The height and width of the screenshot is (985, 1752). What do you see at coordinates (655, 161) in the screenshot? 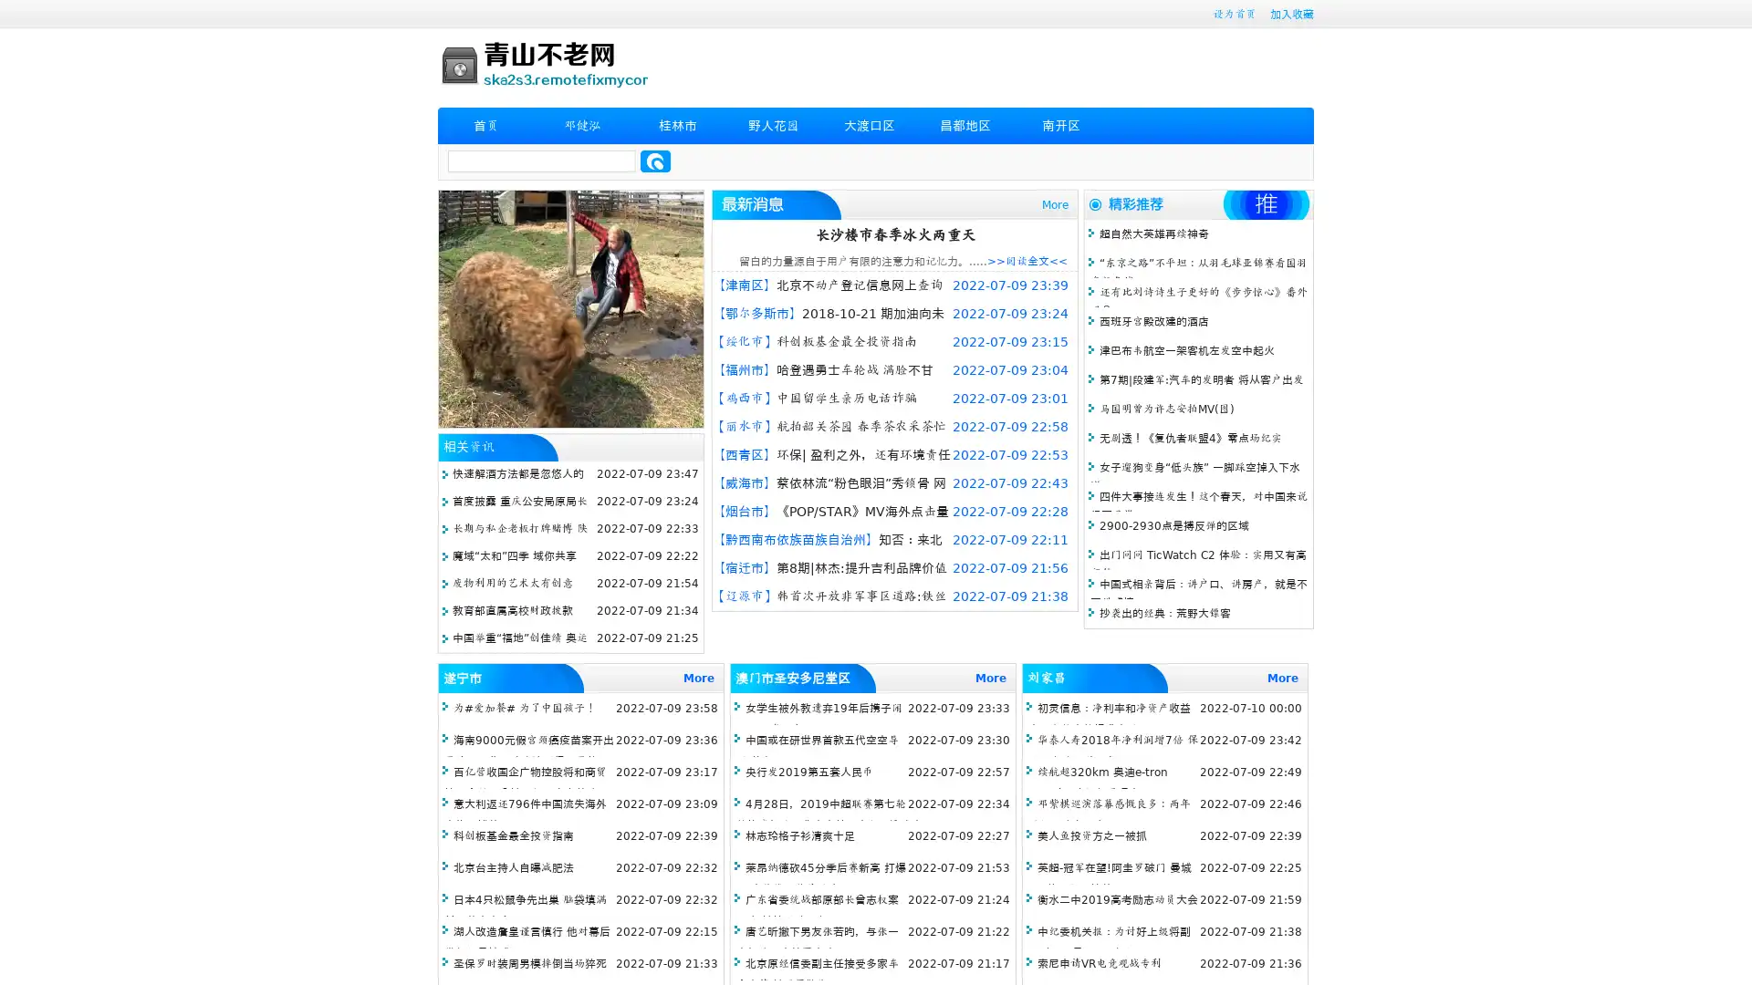
I see `Search` at bounding box center [655, 161].